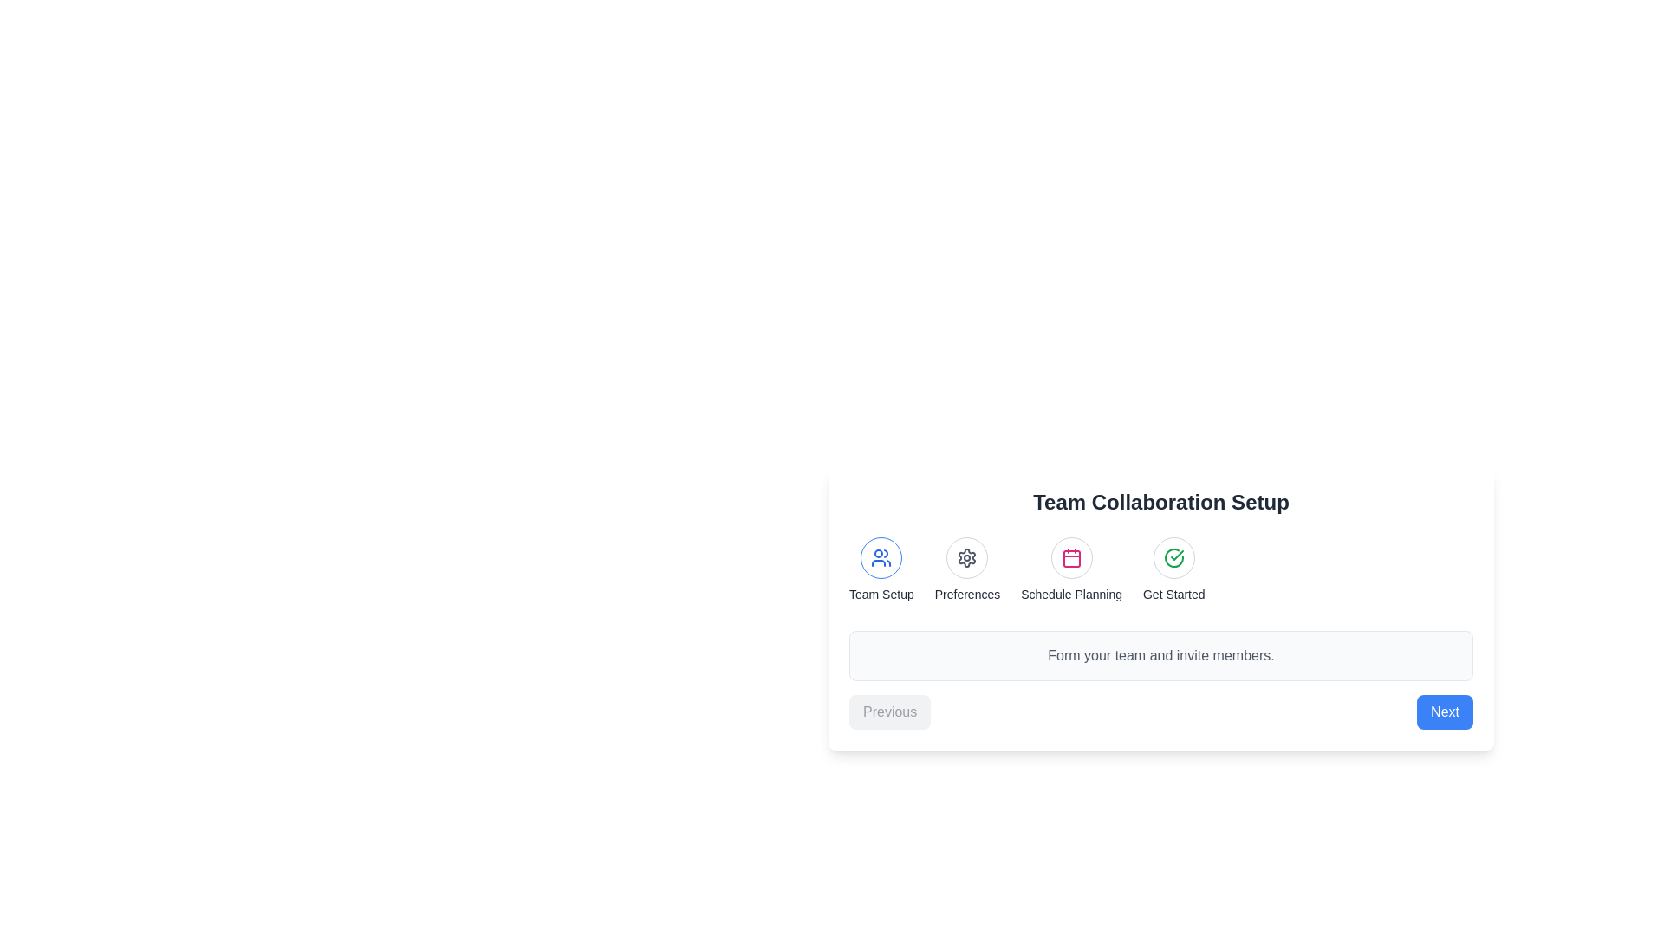 This screenshot has height=936, width=1664. What do you see at coordinates (1173, 558) in the screenshot?
I see `the 'Get Started' button, which is the last of four icons under the 'Team Collaboration Setup' heading, to initiate the action` at bounding box center [1173, 558].